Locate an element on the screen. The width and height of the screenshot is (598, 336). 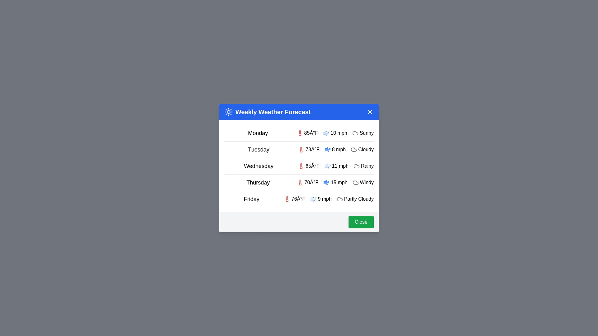
the weather details for Monday is located at coordinates (299, 133).